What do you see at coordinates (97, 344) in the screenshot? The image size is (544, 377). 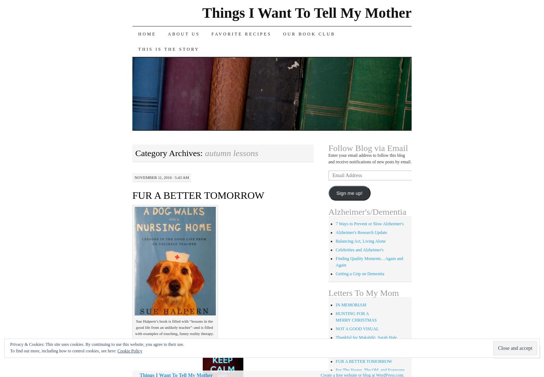 I see `'Privacy & Cookies: This site uses cookies. By continuing to use this website, you agree to their use.'` at bounding box center [97, 344].